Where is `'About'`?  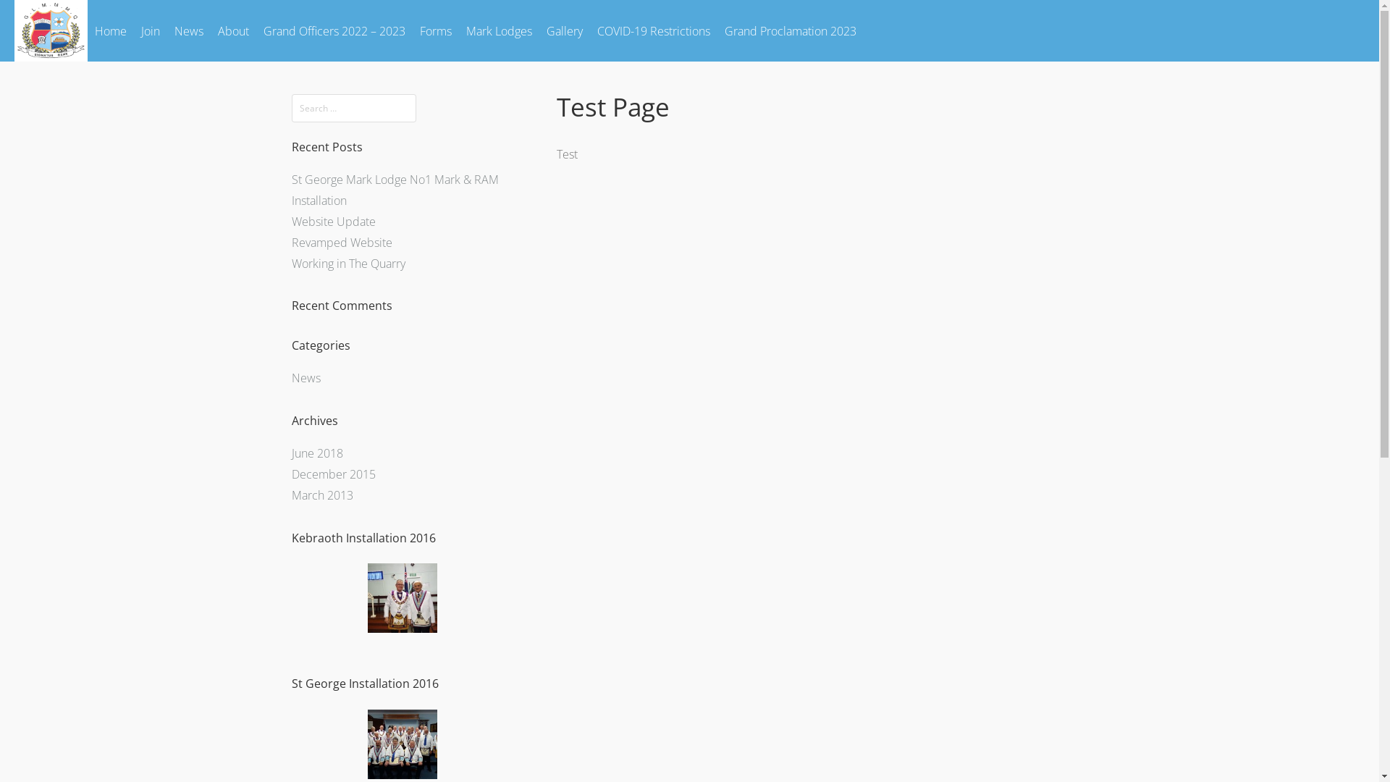 'About' is located at coordinates (210, 30).